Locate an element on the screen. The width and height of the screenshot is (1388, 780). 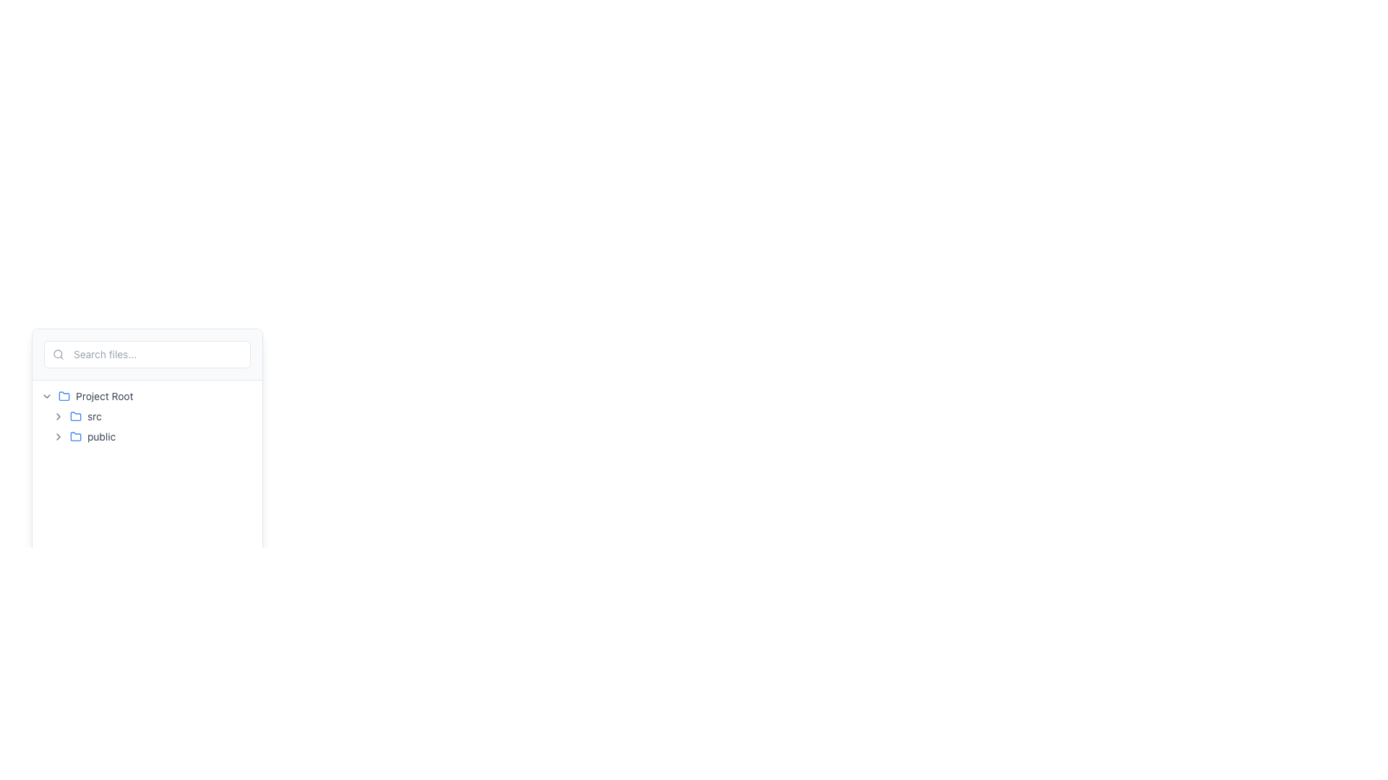
the downward-pointing chevron Toggle Icon located to the left of the 'Project Root' text is located at coordinates (47, 396).